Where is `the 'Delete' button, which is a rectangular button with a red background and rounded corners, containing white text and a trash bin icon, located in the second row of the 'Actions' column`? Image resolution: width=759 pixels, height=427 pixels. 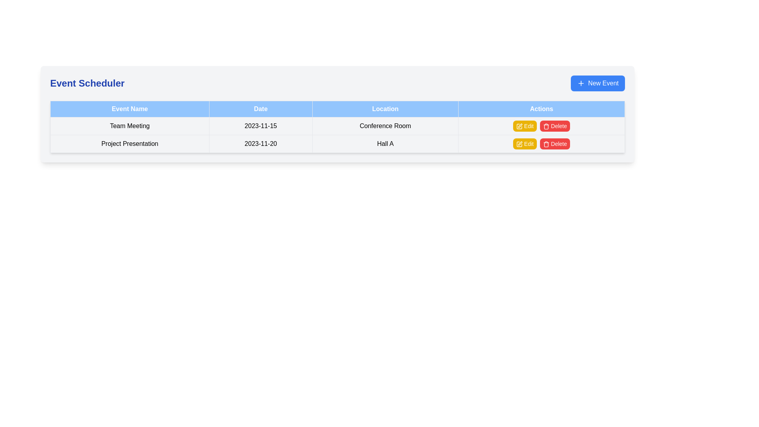 the 'Delete' button, which is a rectangular button with a red background and rounded corners, containing white text and a trash bin icon, located in the second row of the 'Actions' column is located at coordinates (555, 144).